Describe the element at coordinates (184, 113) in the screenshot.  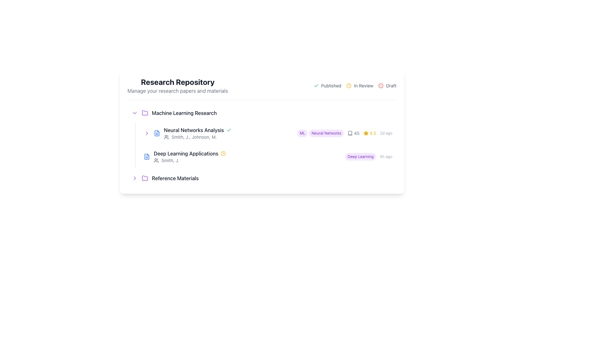
I see `the text element displaying 'Machine Learning Research'` at that location.